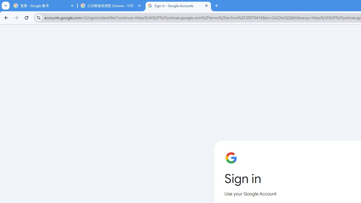 The height and width of the screenshot is (203, 361). Describe the element at coordinates (178, 6) in the screenshot. I see `'Sign in - Google Accounts'` at that location.